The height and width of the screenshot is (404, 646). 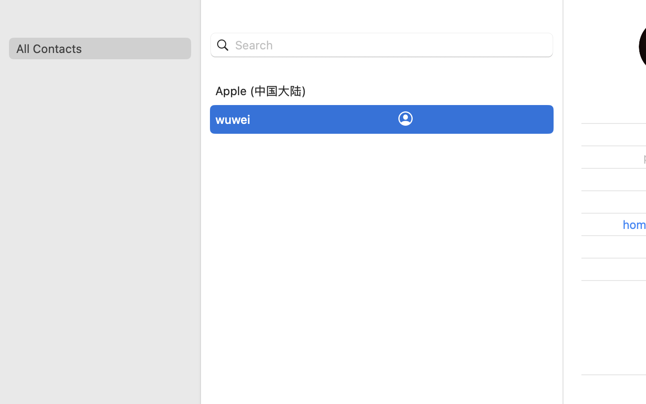 What do you see at coordinates (100, 48) in the screenshot?
I see `'All Contacts'` at bounding box center [100, 48].